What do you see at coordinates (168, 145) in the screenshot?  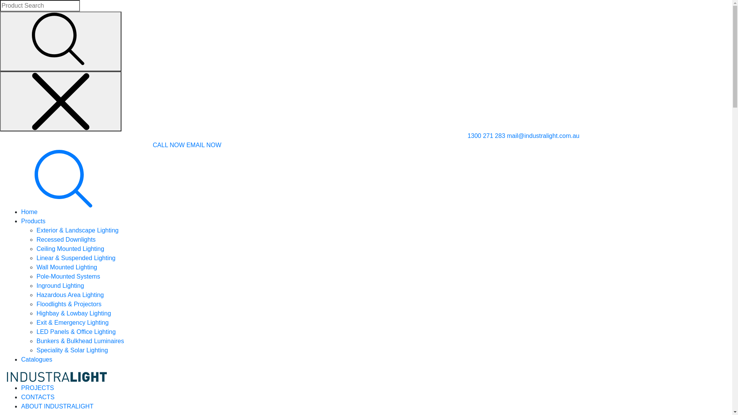 I see `'CALL NOW'` at bounding box center [168, 145].